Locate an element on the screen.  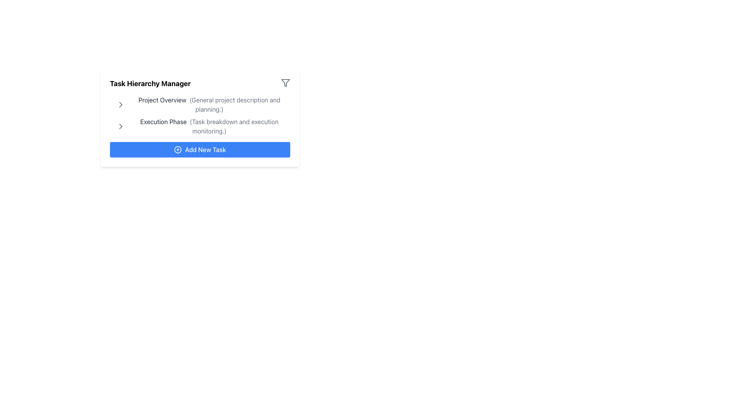
Circular SVG shape, which is a minimalistic outline with a radius of 10 units located to the left of the 'Add New Task' button in the task hierarchy manager section is located at coordinates (178, 149).